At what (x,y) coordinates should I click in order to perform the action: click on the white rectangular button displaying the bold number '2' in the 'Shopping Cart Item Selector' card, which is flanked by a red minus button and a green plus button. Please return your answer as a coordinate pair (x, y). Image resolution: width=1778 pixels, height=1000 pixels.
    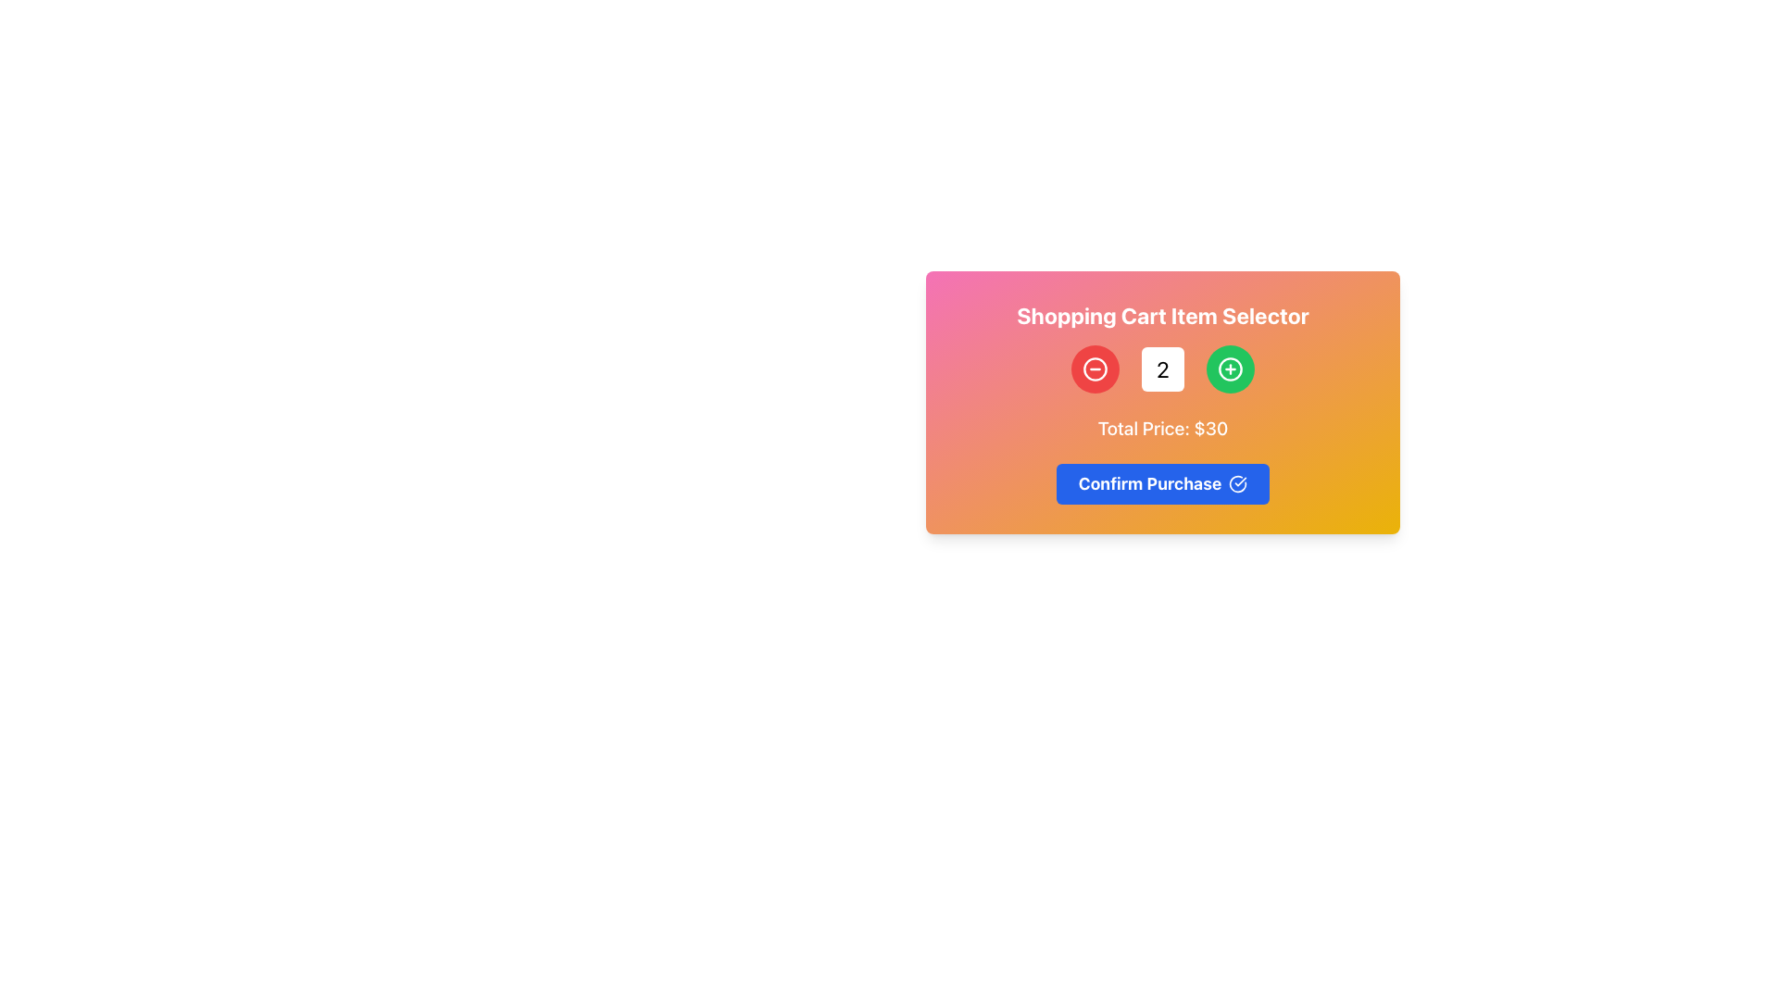
    Looking at the image, I should click on (1162, 369).